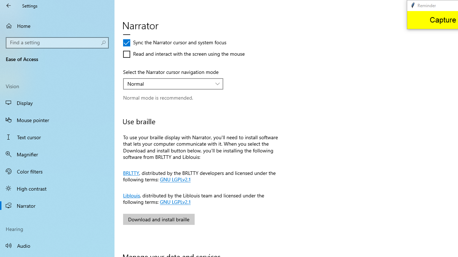 The height and width of the screenshot is (257, 458). What do you see at coordinates (57, 188) in the screenshot?
I see `'High contrast'` at bounding box center [57, 188].